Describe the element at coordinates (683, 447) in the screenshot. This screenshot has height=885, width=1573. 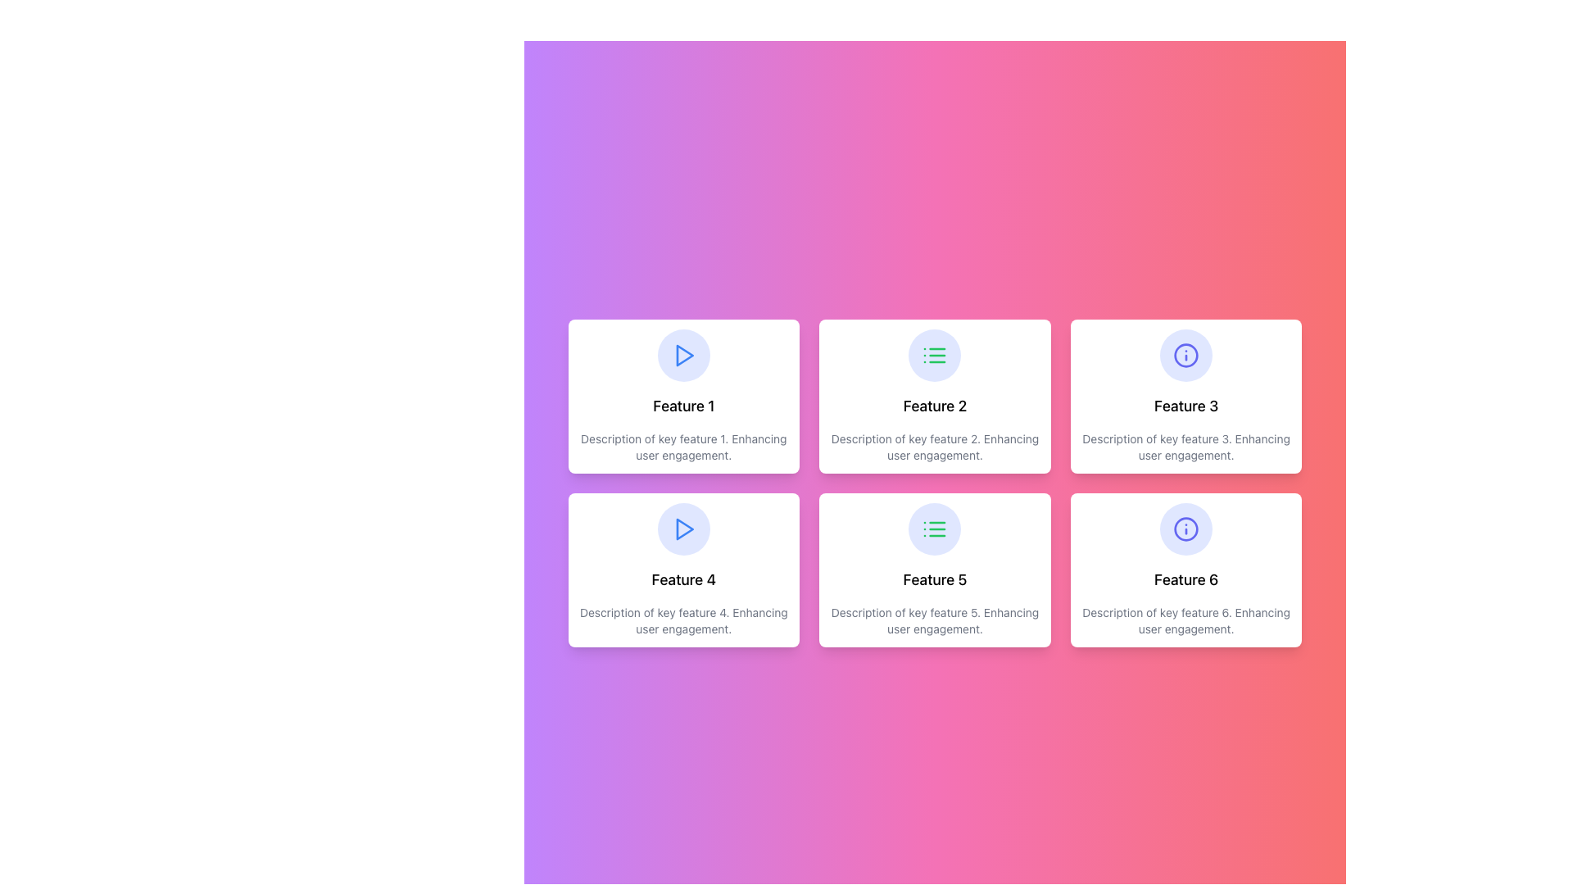
I see `the descriptive text element located beneath the title 'Feature 1' within the white card with rounded corners` at that location.